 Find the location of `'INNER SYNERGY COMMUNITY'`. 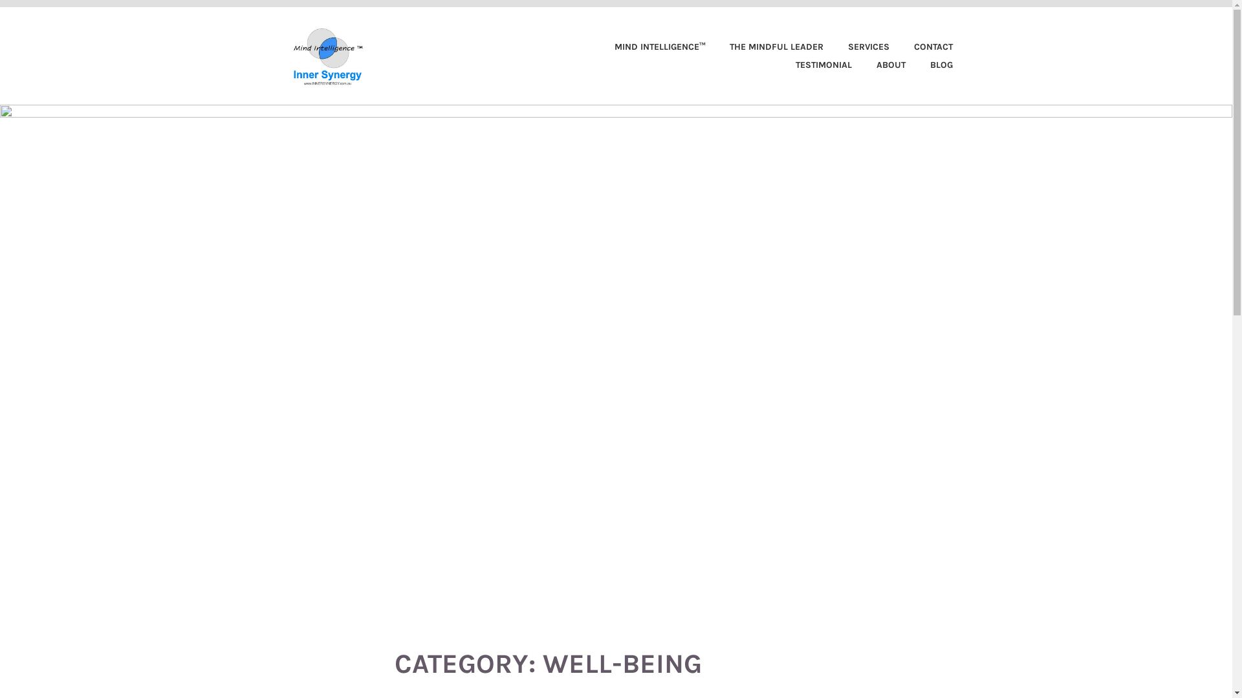

'INNER SYNERGY COMMUNITY' is located at coordinates (382, 36).